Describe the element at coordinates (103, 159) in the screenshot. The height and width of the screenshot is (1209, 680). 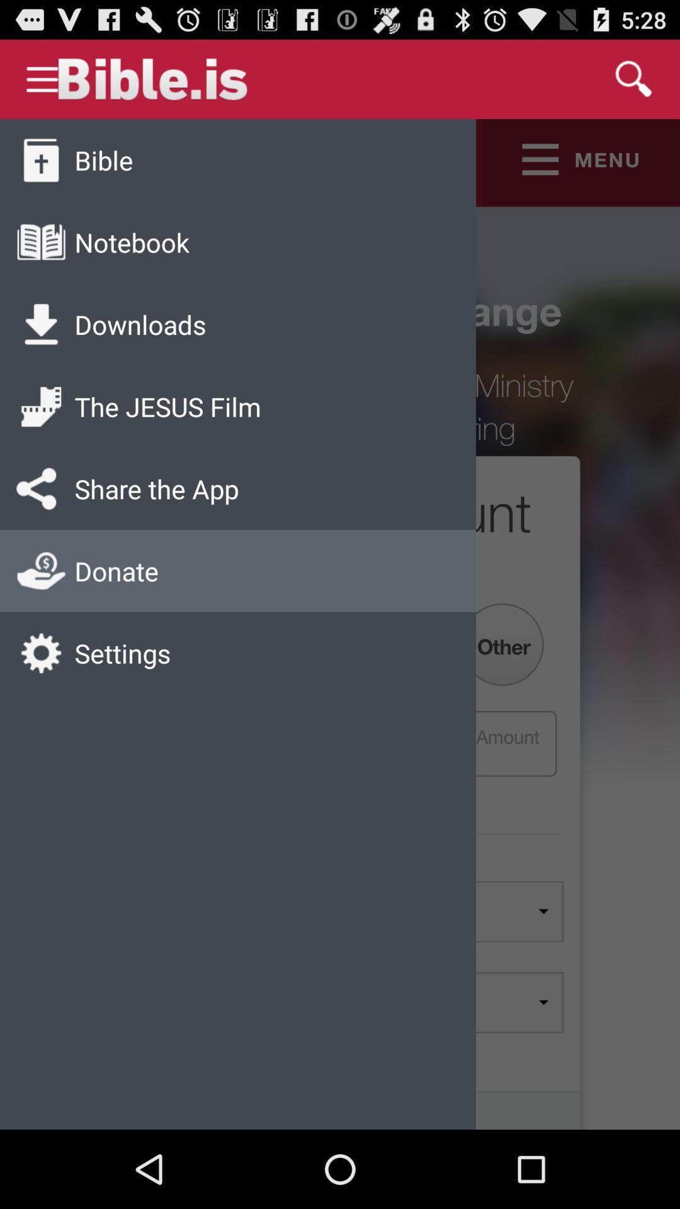
I see `app above the notebook` at that location.